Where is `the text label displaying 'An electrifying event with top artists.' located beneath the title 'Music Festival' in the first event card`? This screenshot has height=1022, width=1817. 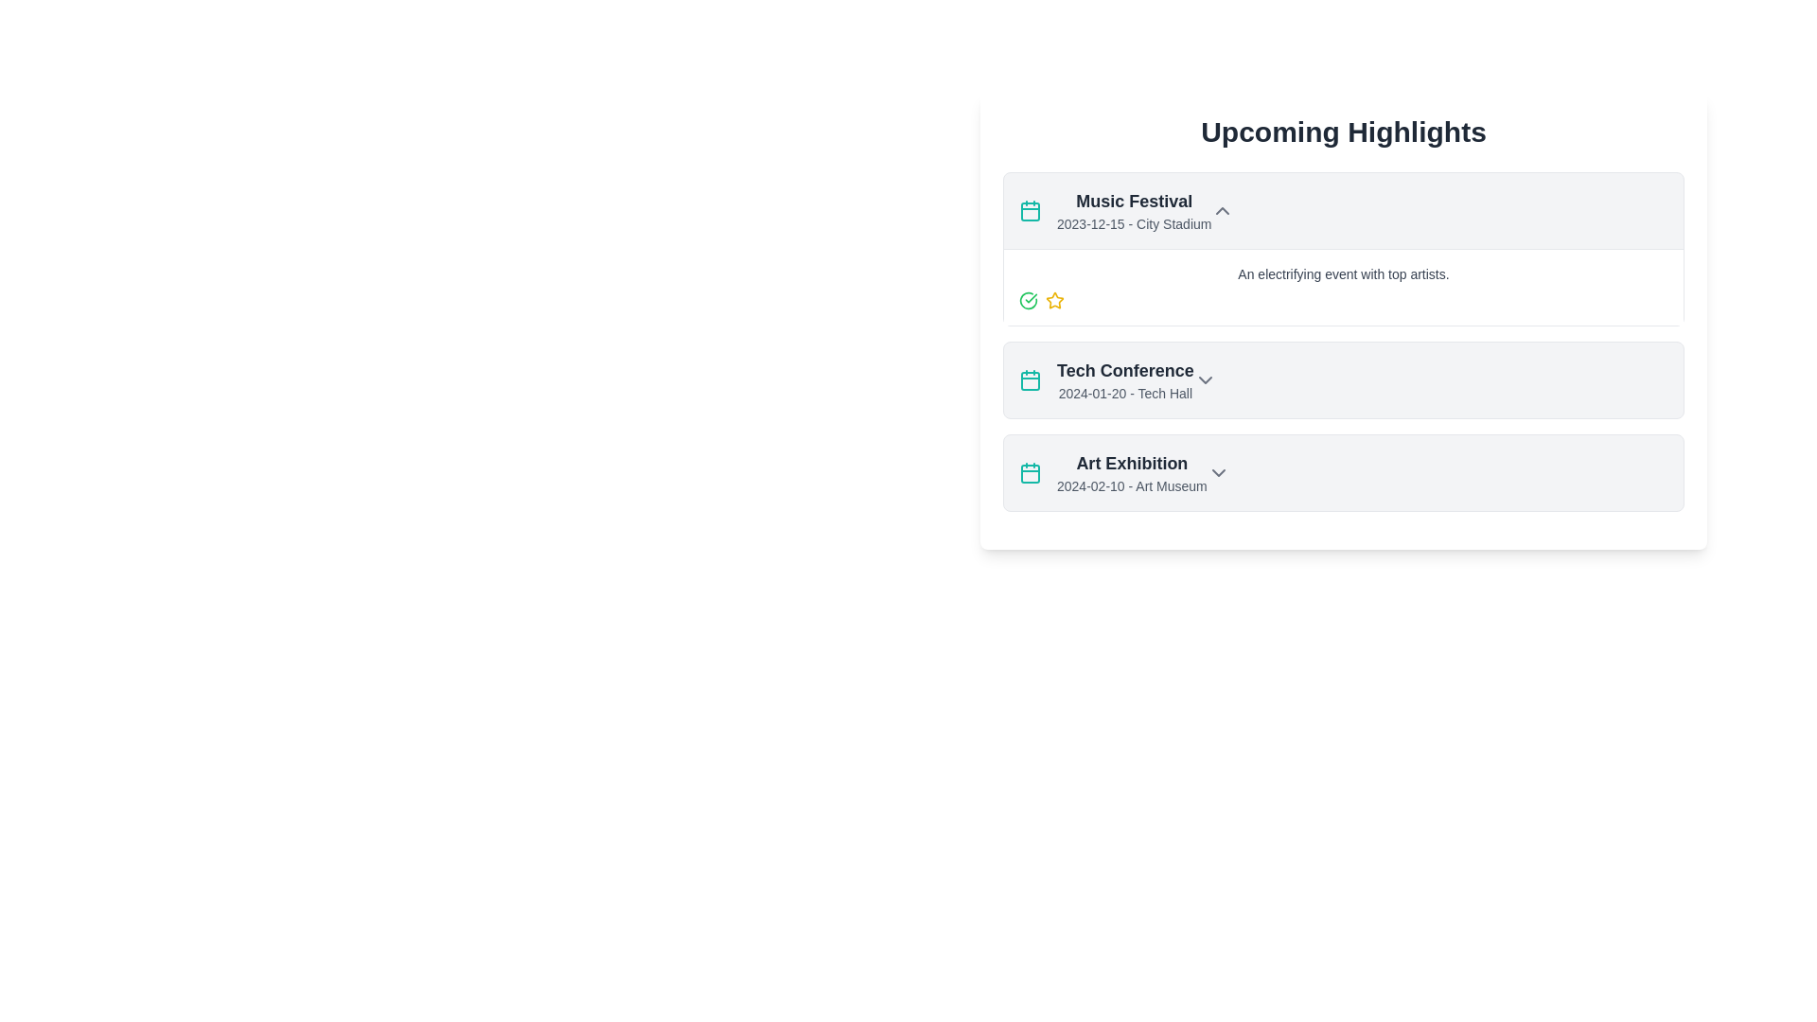
the text label displaying 'An electrifying event with top artists.' located beneath the title 'Music Festival' in the first event card is located at coordinates (1343, 273).